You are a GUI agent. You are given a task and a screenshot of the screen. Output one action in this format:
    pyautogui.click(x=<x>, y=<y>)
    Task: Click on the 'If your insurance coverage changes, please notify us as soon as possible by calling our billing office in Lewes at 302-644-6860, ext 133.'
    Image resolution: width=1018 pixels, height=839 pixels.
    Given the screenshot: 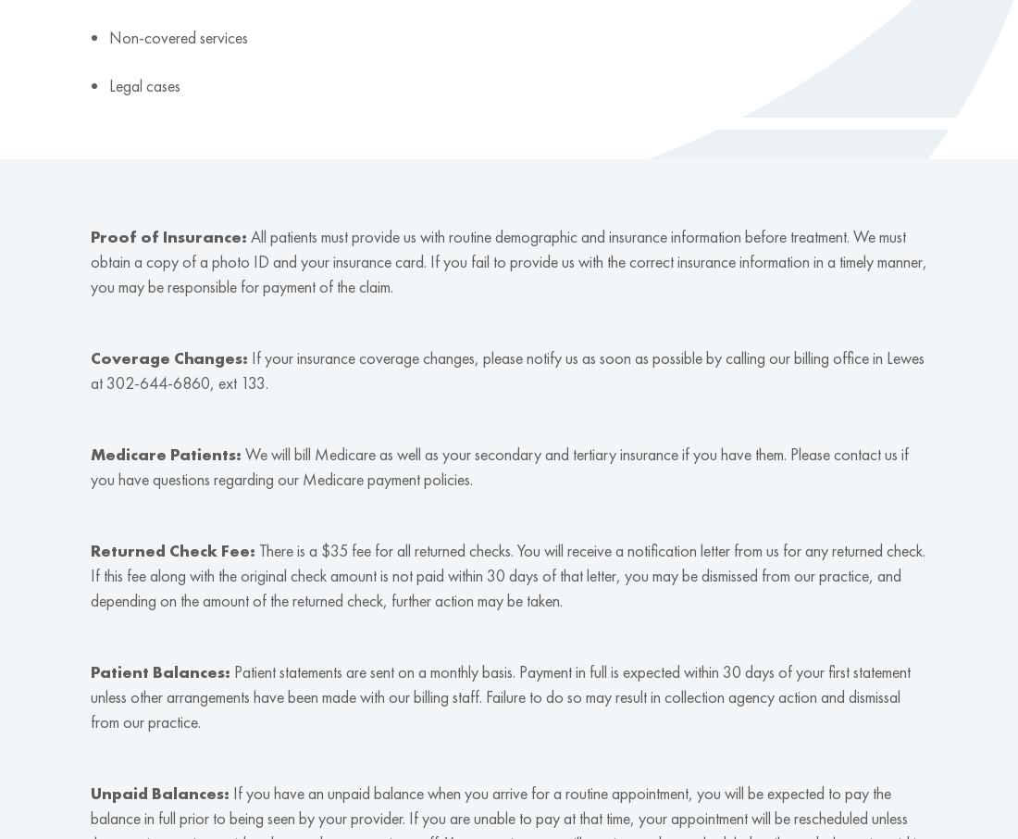 What is the action you would take?
    pyautogui.click(x=506, y=369)
    